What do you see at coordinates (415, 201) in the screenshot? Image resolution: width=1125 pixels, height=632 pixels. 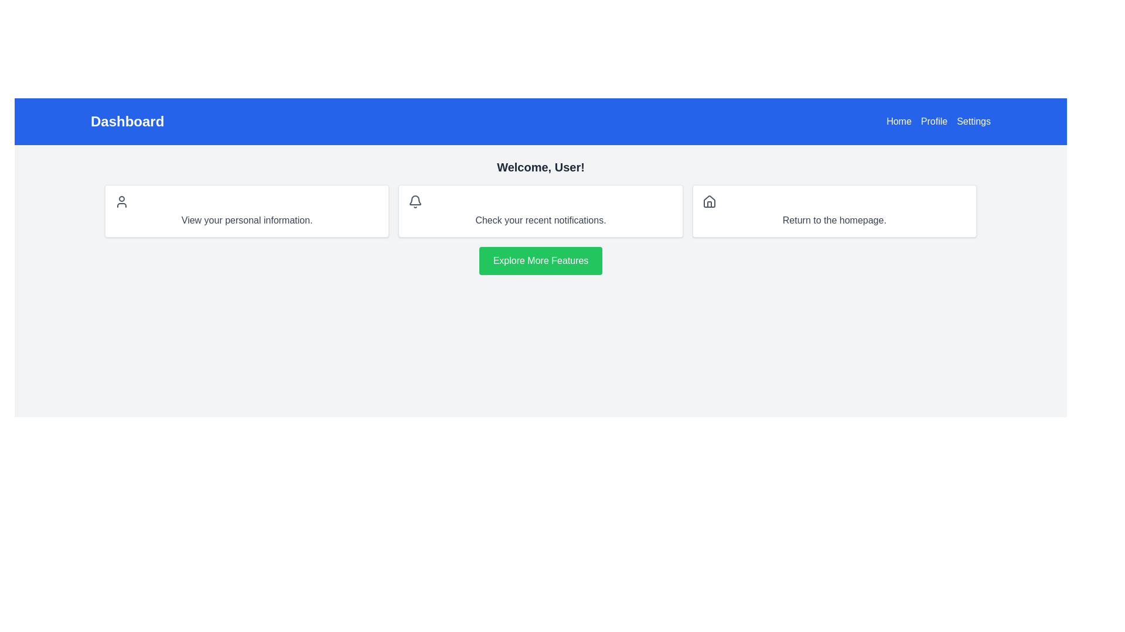 I see `the notifications icon located at the top of the card that says 'Check your recent notifications.'` at bounding box center [415, 201].